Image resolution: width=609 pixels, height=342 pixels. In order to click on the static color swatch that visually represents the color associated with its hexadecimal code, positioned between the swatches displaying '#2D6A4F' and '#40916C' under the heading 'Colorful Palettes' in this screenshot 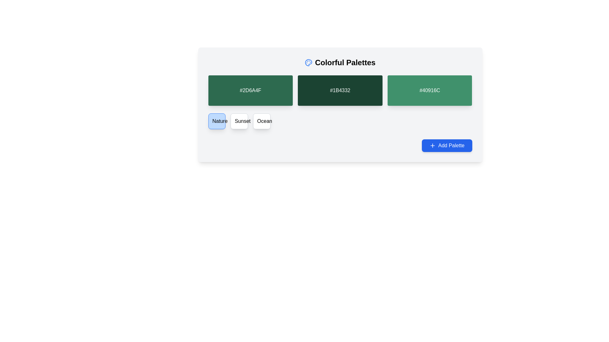, I will do `click(340, 90)`.